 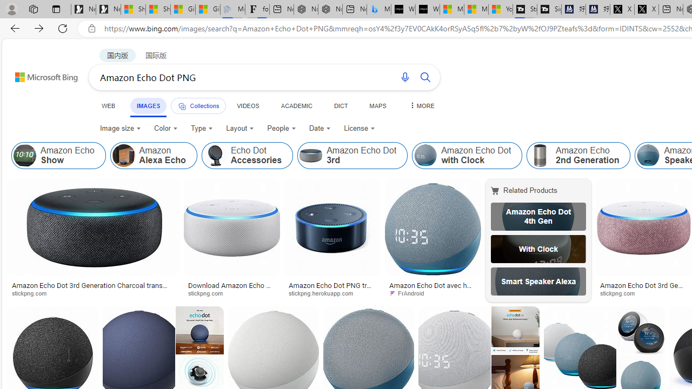 I want to click on 'Amazon Alexa Echo', so click(x=123, y=156).